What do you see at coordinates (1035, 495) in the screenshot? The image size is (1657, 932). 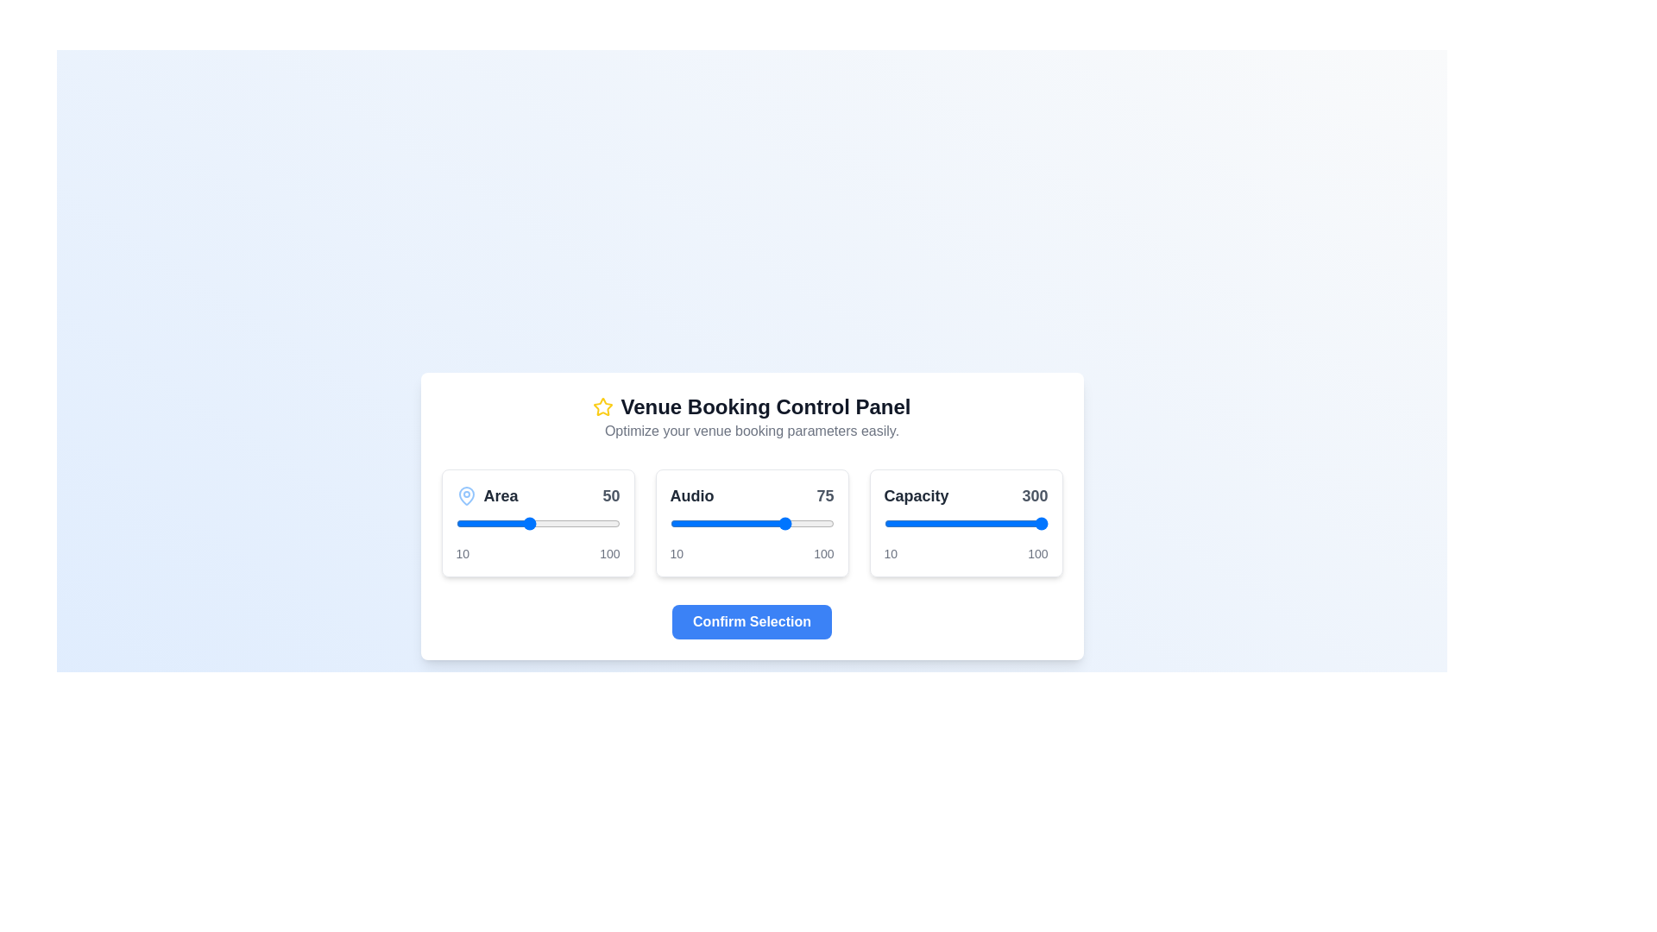 I see `the display-only text label showing the current value (300) of the 'Capacity' slider control, located at the far-right side of the 'Capacity' section` at bounding box center [1035, 495].